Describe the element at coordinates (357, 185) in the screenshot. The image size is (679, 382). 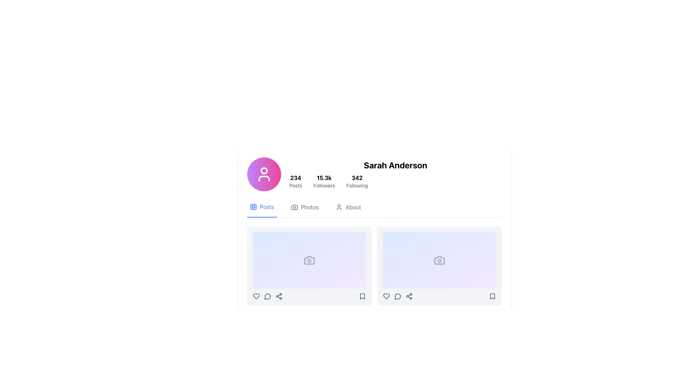
I see `the text label that reads 'Following', which is styled in gray and positioned below the number '342' in the profile statistics section` at that location.